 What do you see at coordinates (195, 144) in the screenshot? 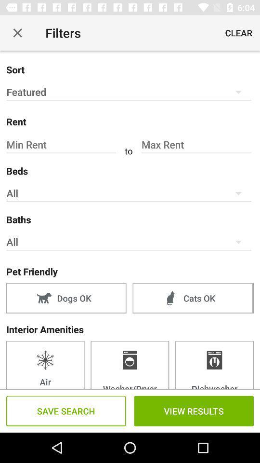
I see `filter the maximum amount of rent` at bounding box center [195, 144].